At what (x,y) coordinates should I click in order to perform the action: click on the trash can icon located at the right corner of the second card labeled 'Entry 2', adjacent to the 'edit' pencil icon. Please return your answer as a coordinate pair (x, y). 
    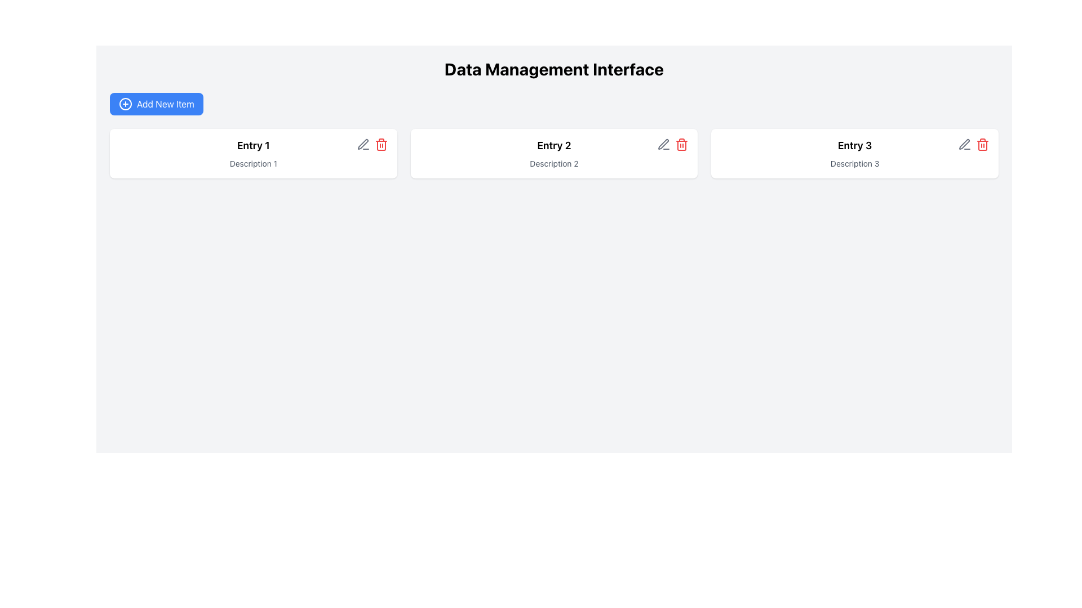
    Looking at the image, I should click on (681, 145).